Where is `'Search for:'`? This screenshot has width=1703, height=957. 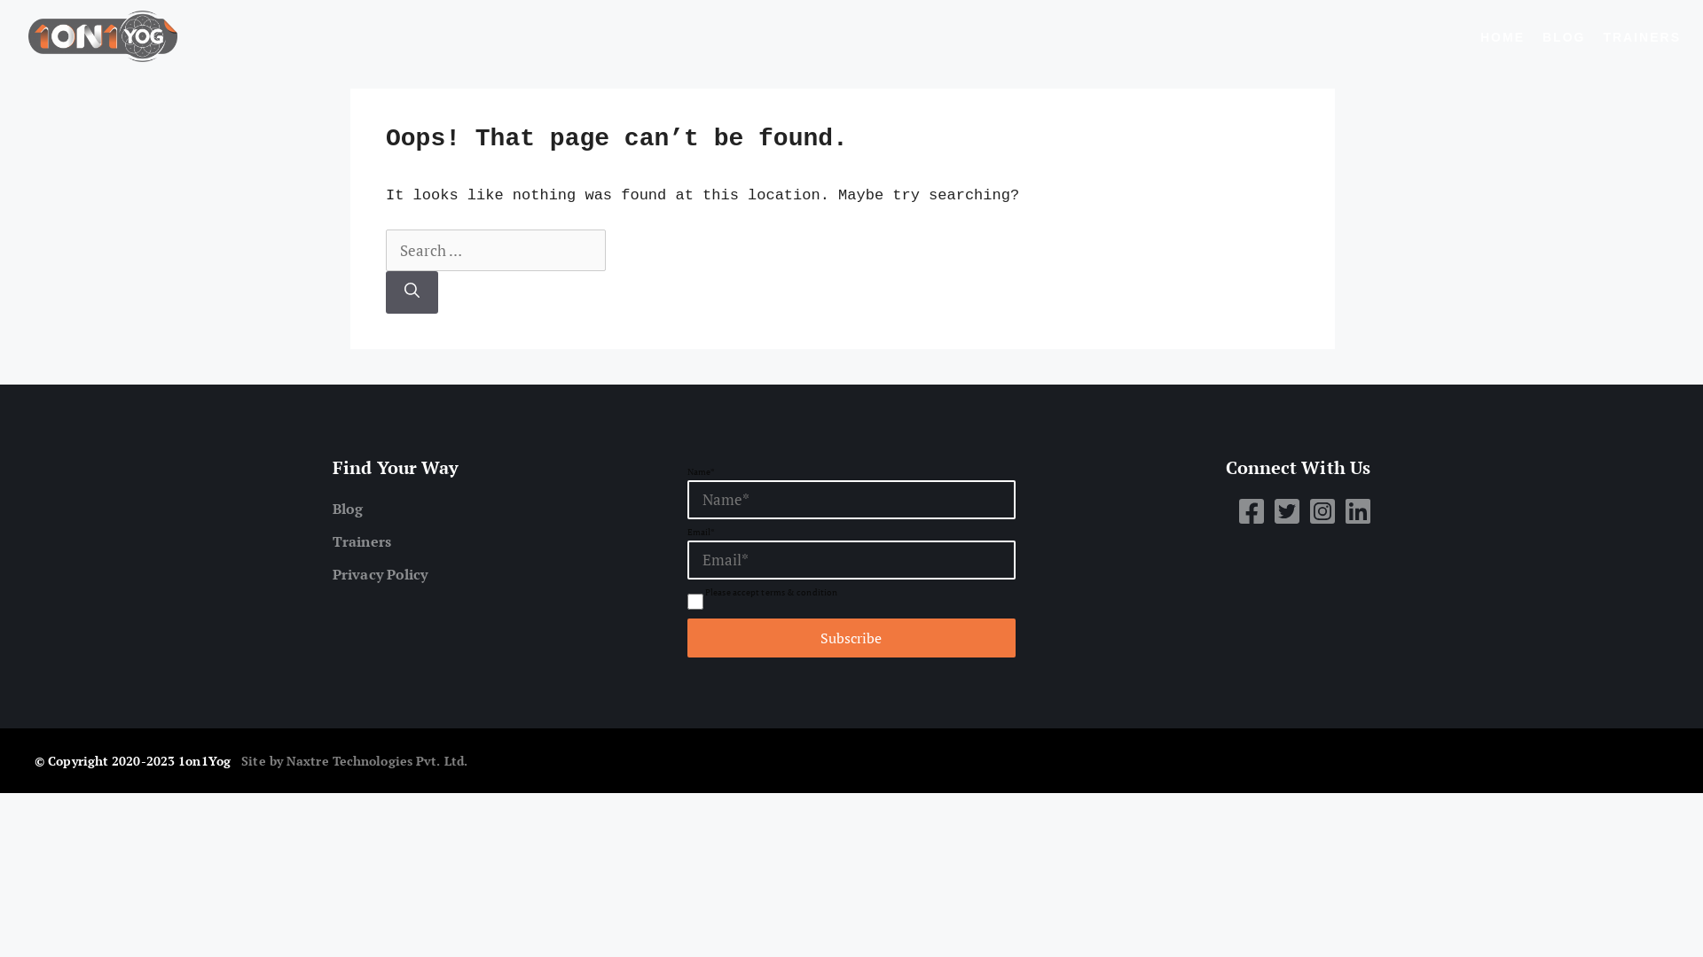 'Search for:' is located at coordinates (495, 250).